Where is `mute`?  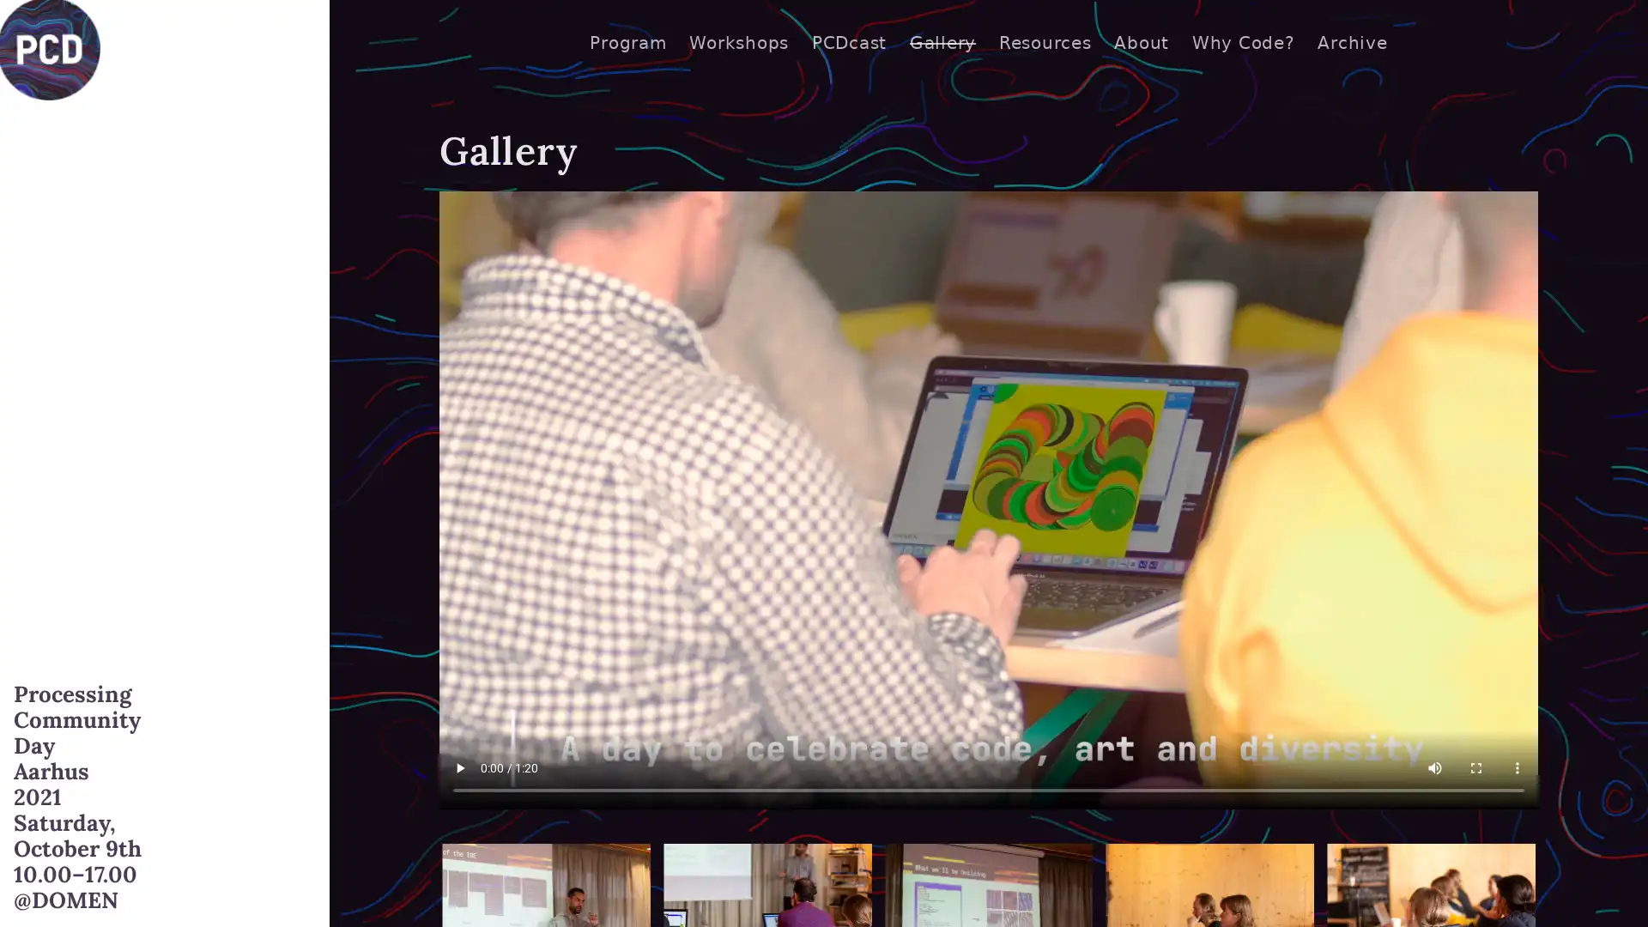 mute is located at coordinates (1434, 766).